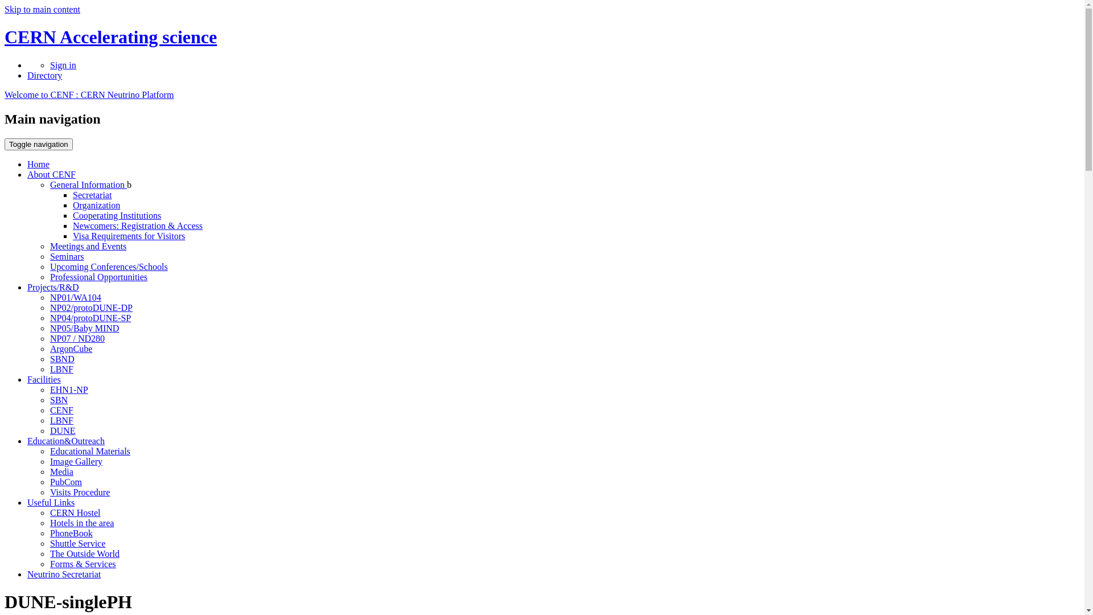 The height and width of the screenshot is (615, 1093). I want to click on 'PubCom', so click(65, 482).